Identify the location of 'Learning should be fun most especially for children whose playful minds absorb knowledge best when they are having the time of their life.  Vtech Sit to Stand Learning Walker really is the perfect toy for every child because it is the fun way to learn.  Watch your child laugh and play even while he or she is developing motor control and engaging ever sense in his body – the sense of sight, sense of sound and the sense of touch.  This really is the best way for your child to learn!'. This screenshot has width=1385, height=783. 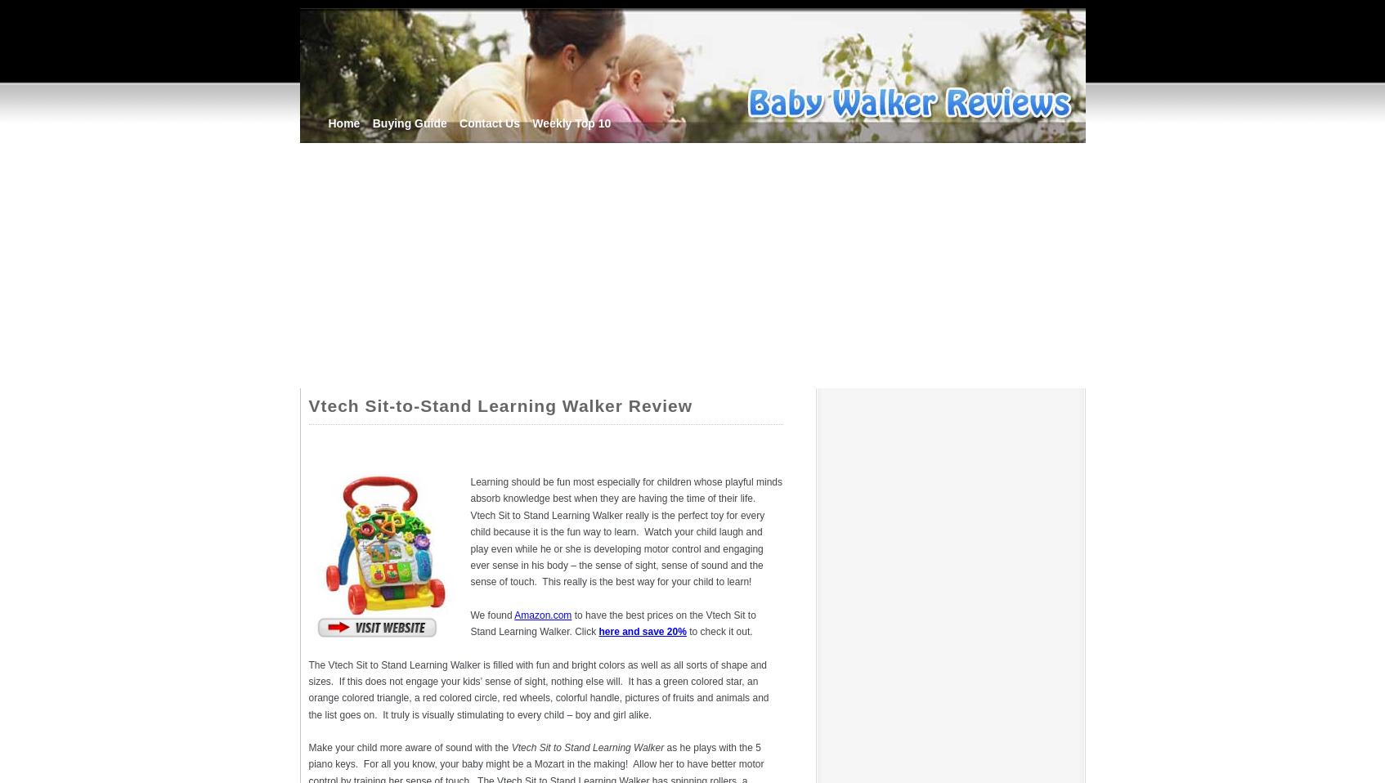
(469, 530).